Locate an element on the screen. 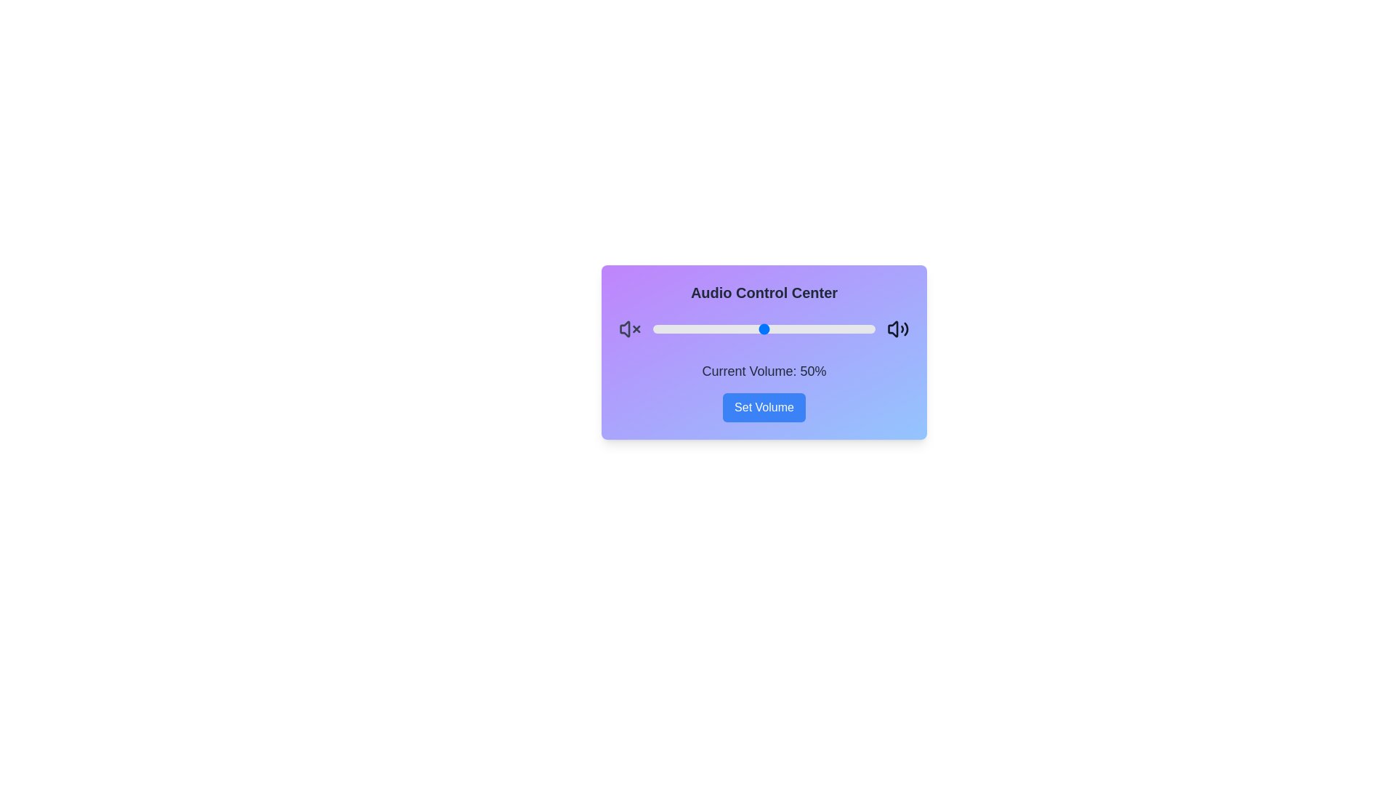 This screenshot has height=785, width=1395. the volume slider to set the volume to 68% is located at coordinates (804, 329).